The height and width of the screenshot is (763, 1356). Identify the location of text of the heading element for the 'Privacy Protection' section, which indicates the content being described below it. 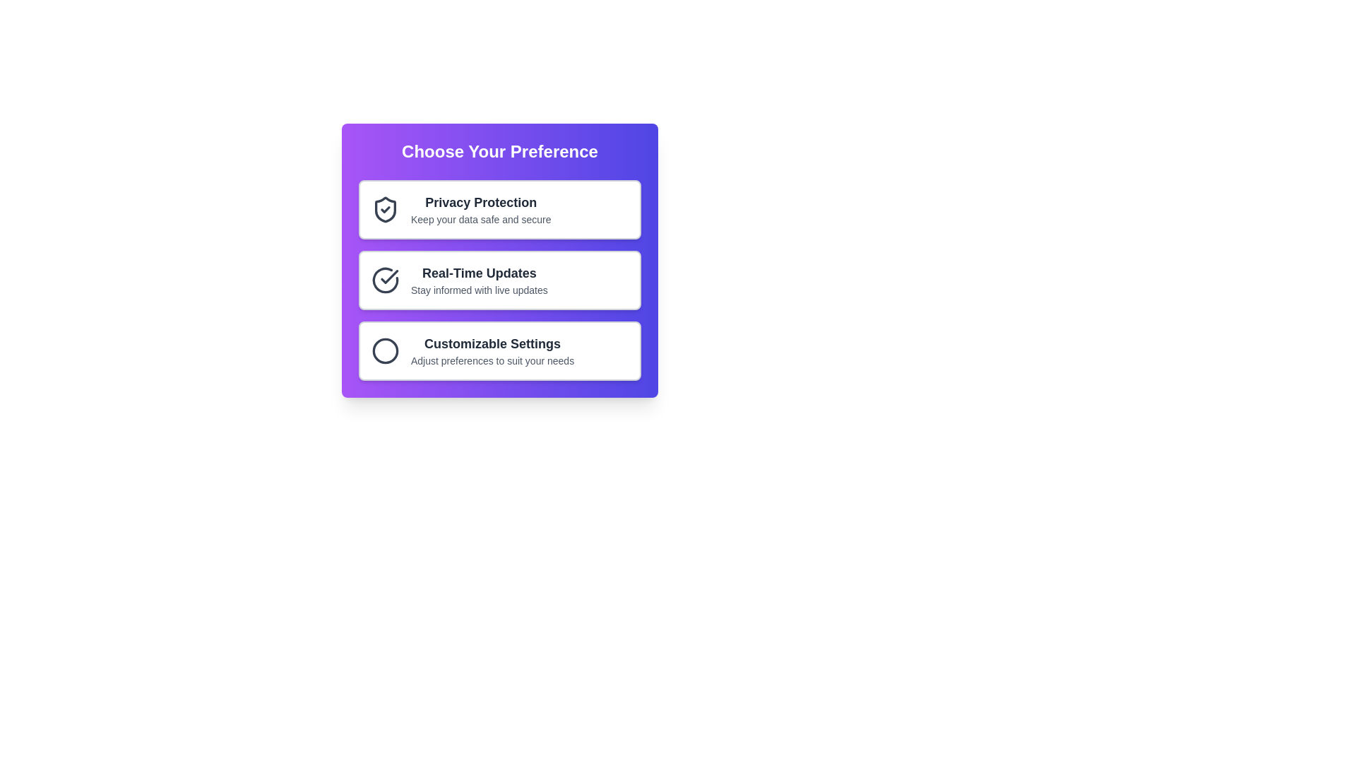
(481, 202).